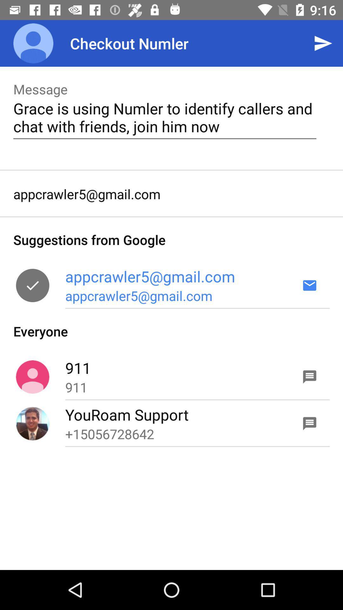  I want to click on icon above message, so click(33, 43).